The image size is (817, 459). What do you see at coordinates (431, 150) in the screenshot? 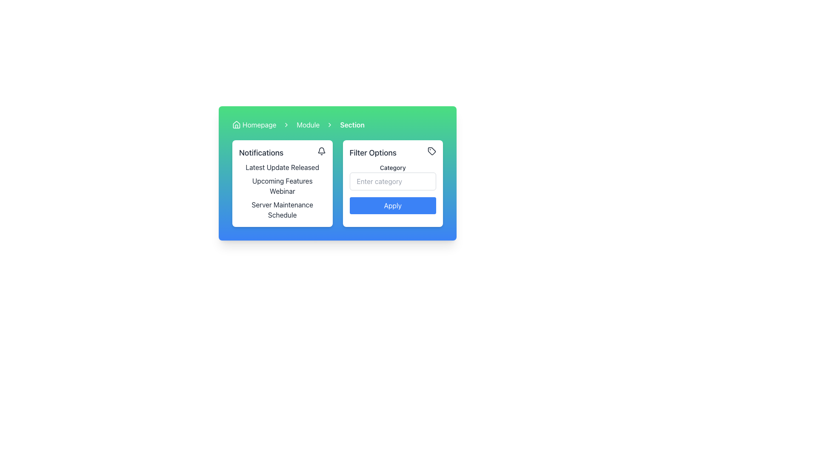
I see `the tag-shaped icon located in the upper-right corner of the 'Filter Options' section, which has a minimalistic black stroke outline and a hollow center` at bounding box center [431, 150].